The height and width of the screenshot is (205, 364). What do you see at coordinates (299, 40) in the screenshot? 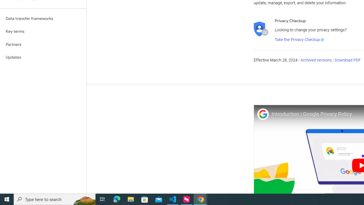
I see `'Take the Privacy Checkup'` at bounding box center [299, 40].